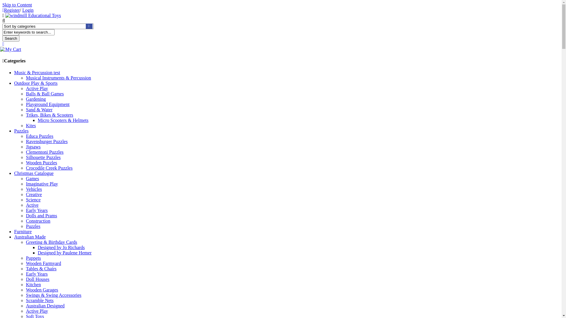 Image resolution: width=566 pixels, height=318 pixels. What do you see at coordinates (33, 146) in the screenshot?
I see `'Jigsaws'` at bounding box center [33, 146].